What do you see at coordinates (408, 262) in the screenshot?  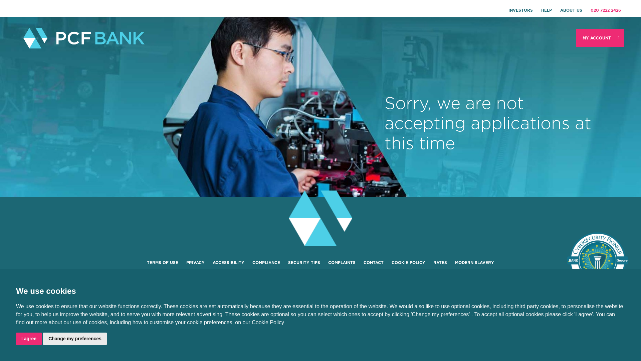 I see `'COOKIE POLICY'` at bounding box center [408, 262].